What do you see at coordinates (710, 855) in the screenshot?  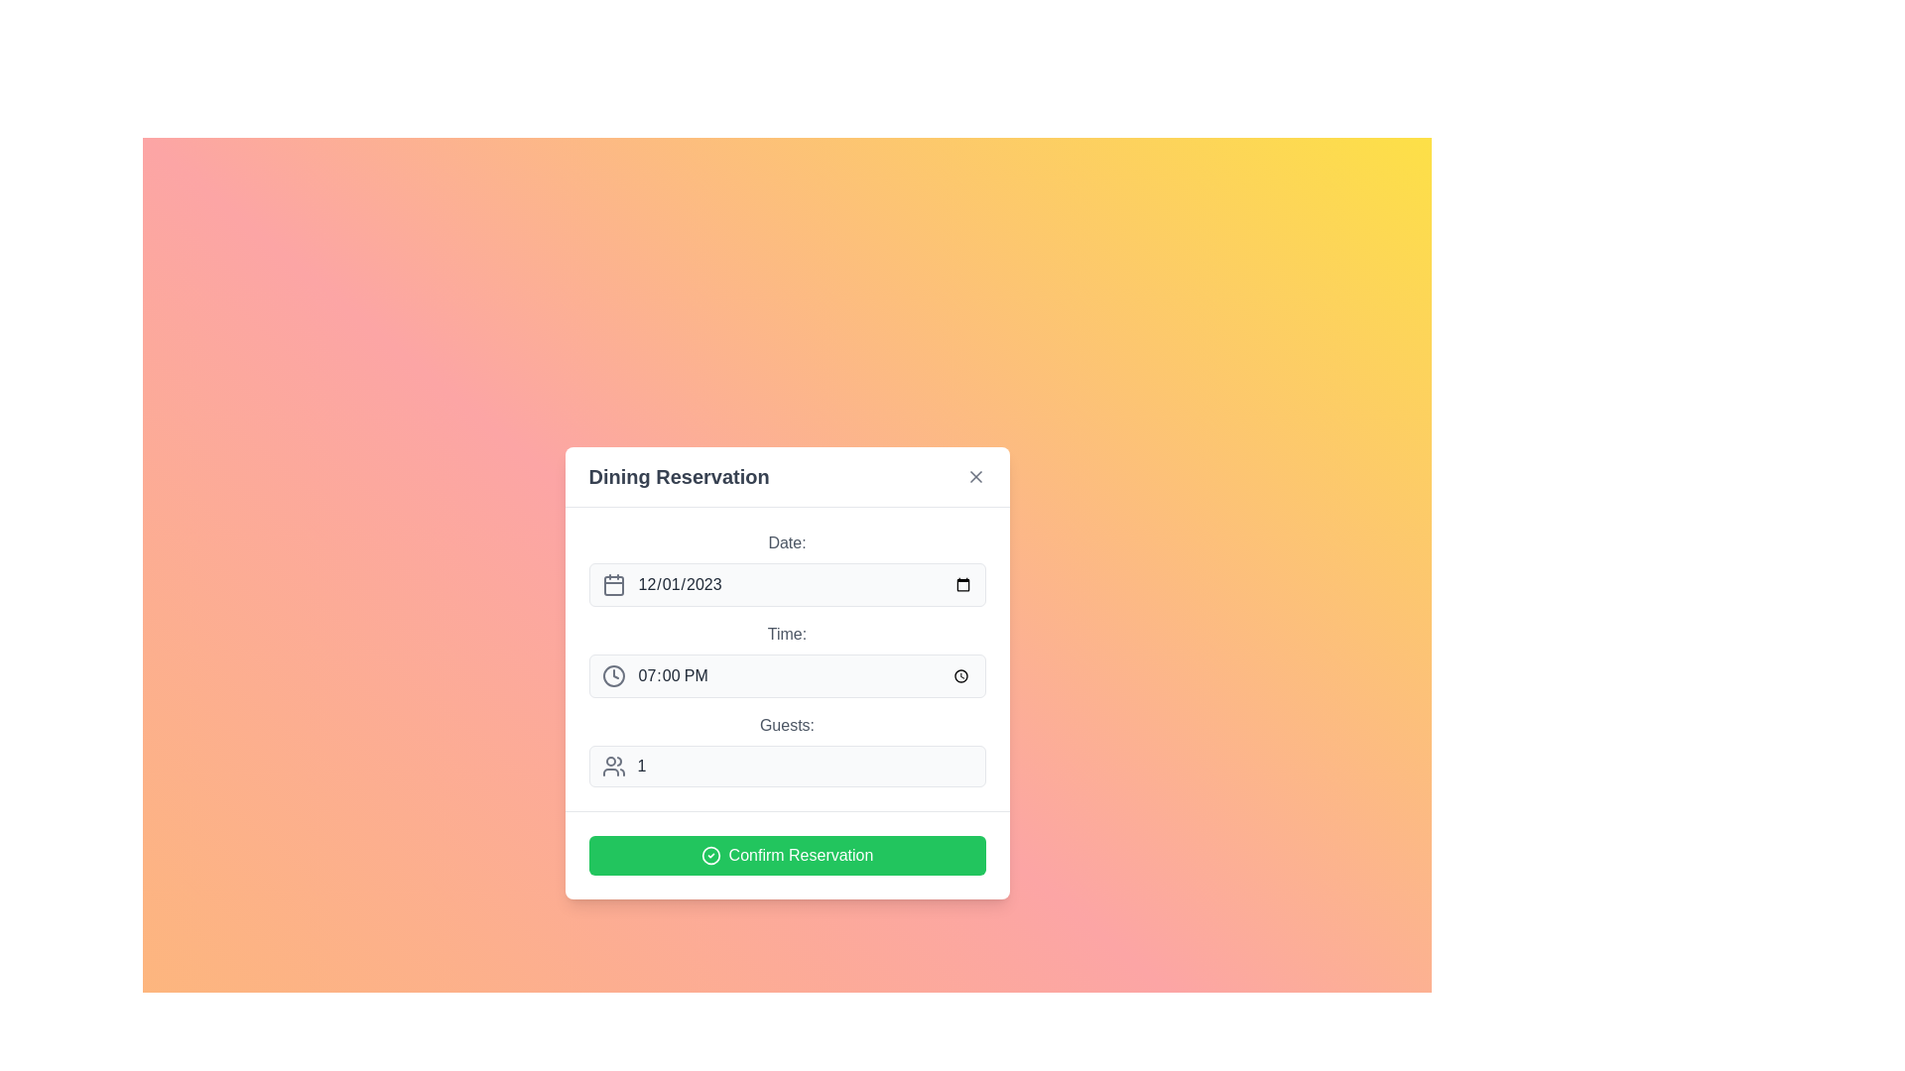 I see `the confirmation icon located at the center-left side of the 'Confirm Reservation' button, which indicates a positive action` at bounding box center [710, 855].